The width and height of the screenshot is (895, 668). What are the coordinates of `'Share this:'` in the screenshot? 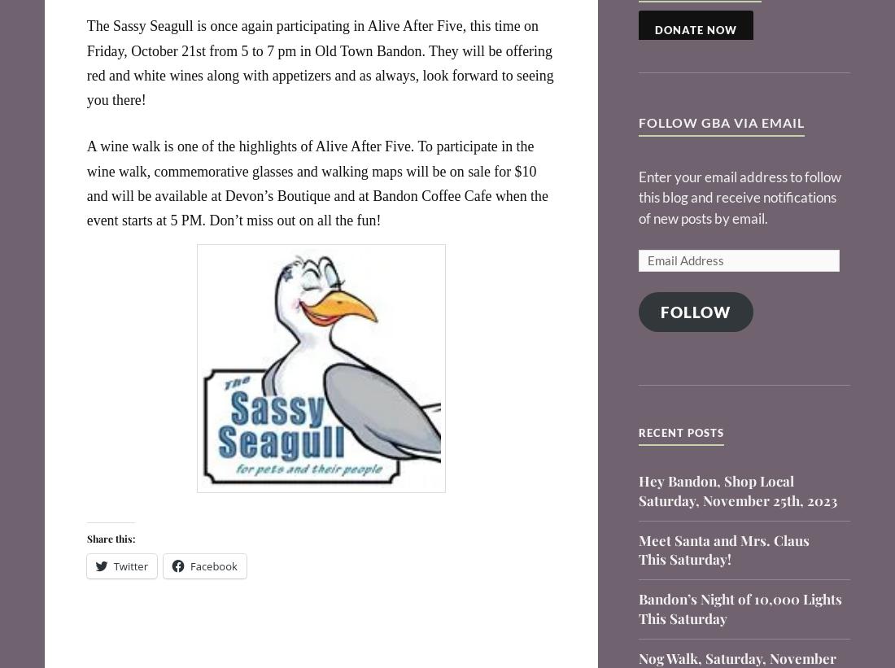 It's located at (110, 536).